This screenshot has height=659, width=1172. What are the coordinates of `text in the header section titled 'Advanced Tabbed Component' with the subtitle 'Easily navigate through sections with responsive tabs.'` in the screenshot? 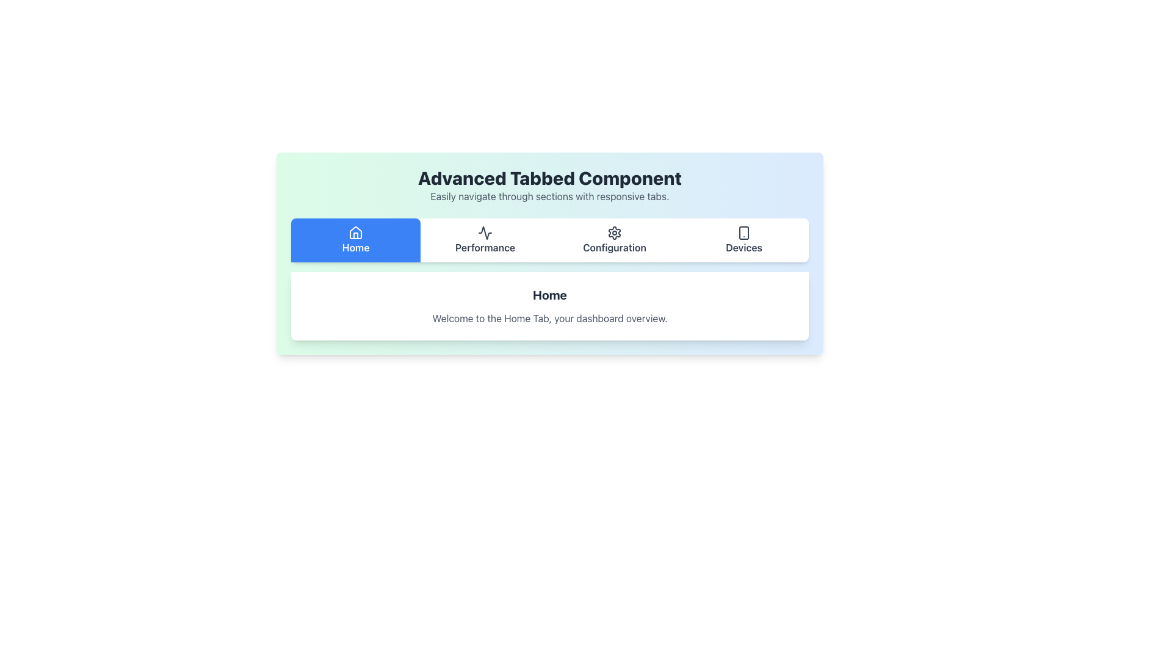 It's located at (549, 185).